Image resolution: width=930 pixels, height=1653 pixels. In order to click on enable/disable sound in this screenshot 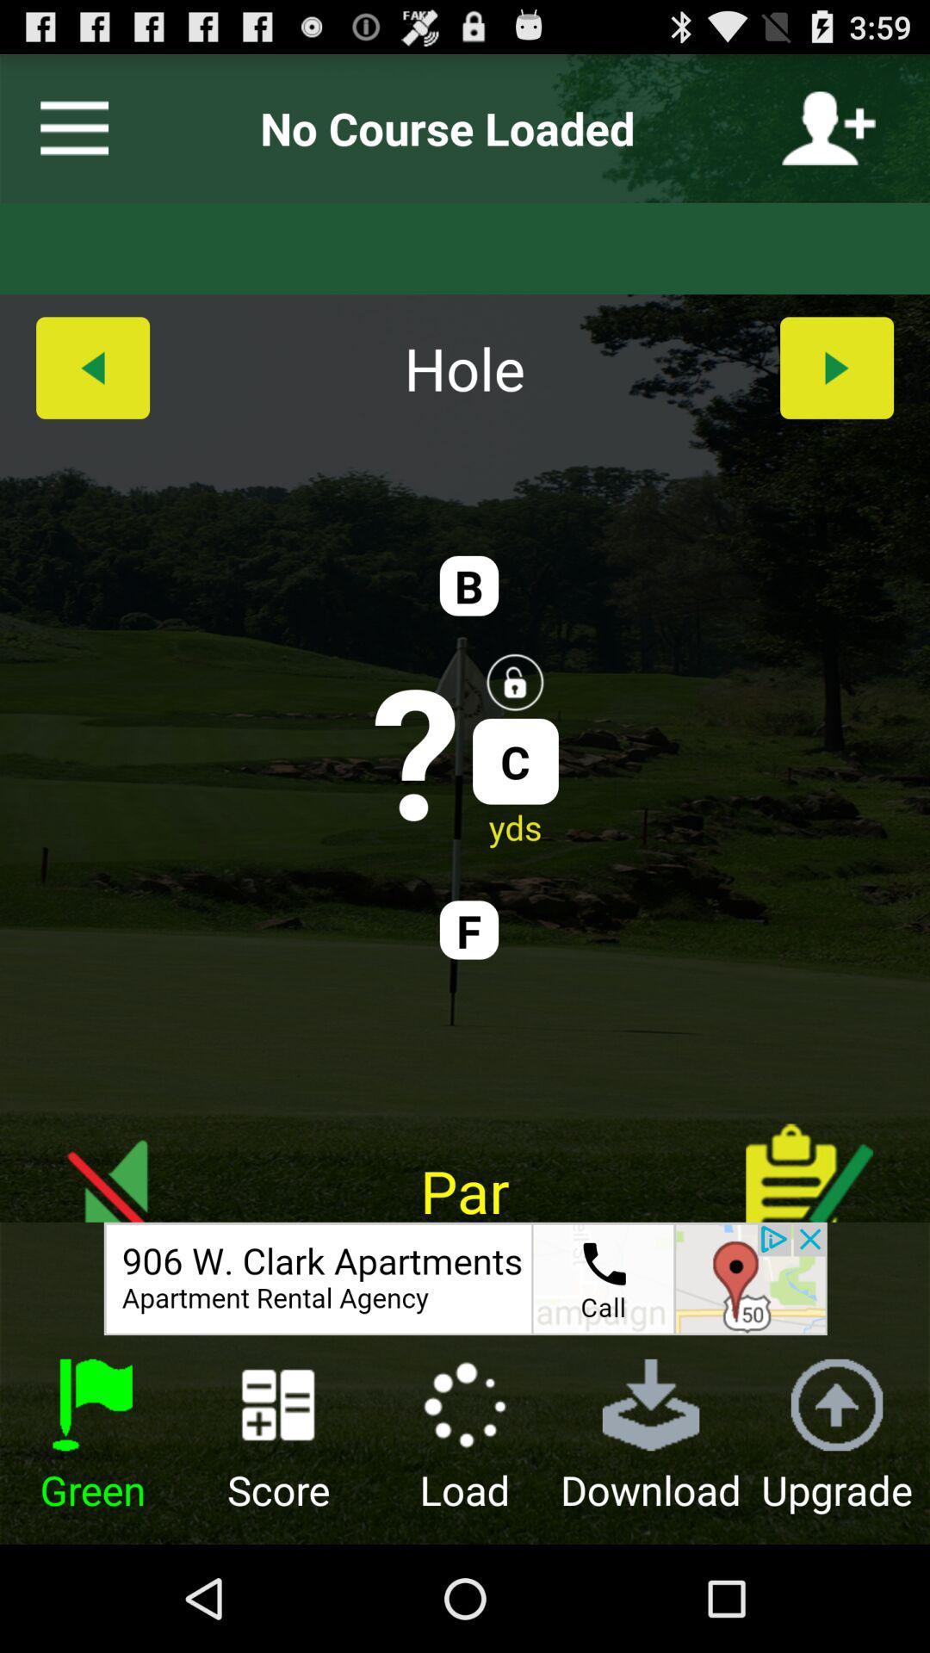, I will do `click(119, 1160)`.